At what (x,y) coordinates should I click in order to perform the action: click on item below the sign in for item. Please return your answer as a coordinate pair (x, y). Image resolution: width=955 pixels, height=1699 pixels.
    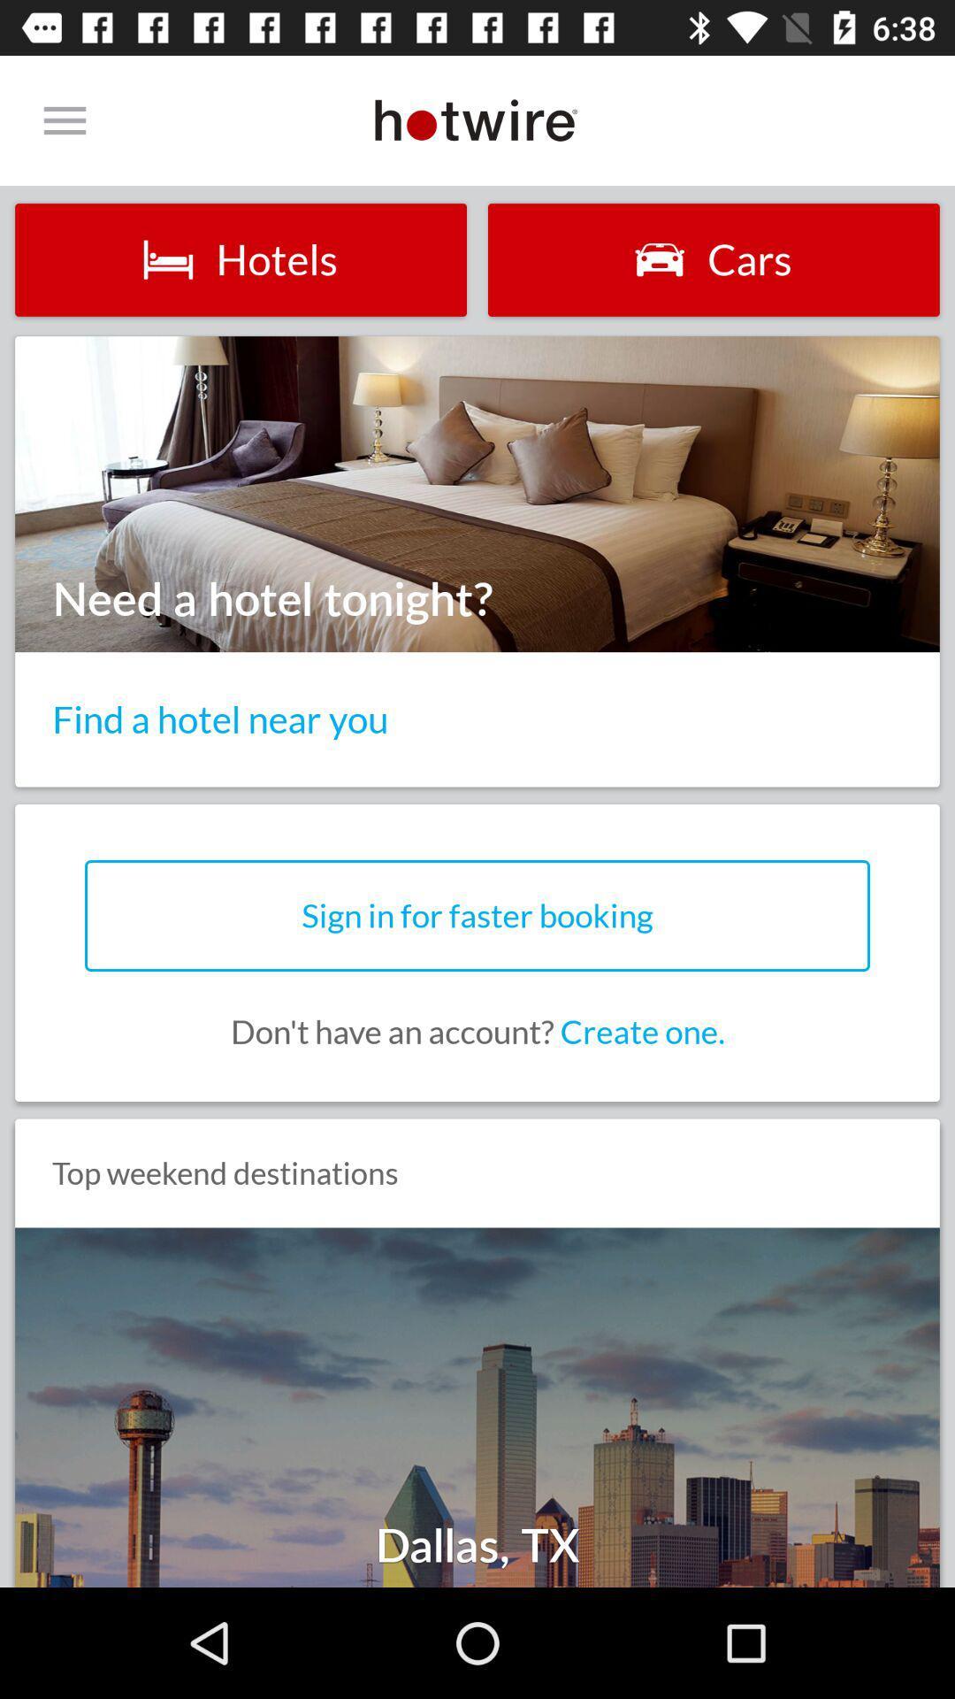
    Looking at the image, I should click on (477, 1032).